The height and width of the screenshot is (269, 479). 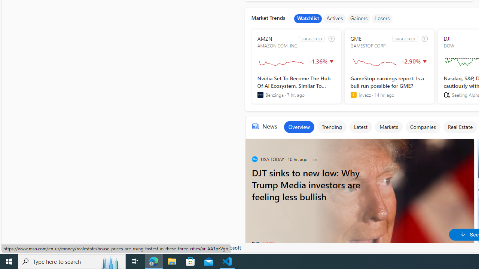 What do you see at coordinates (334, 18) in the screenshot?
I see `'Actives'` at bounding box center [334, 18].